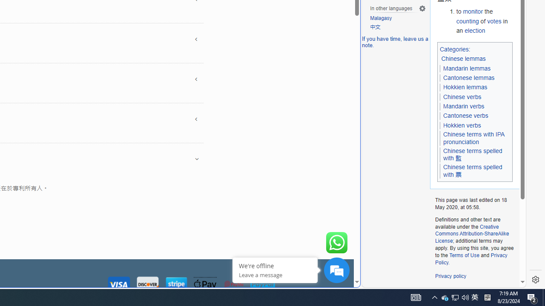  I want to click on 'Hokkien verbs', so click(462, 125).